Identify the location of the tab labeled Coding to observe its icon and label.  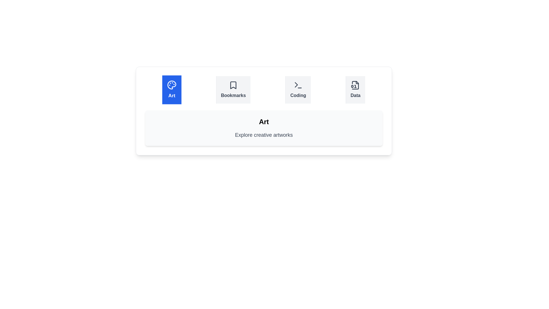
(298, 90).